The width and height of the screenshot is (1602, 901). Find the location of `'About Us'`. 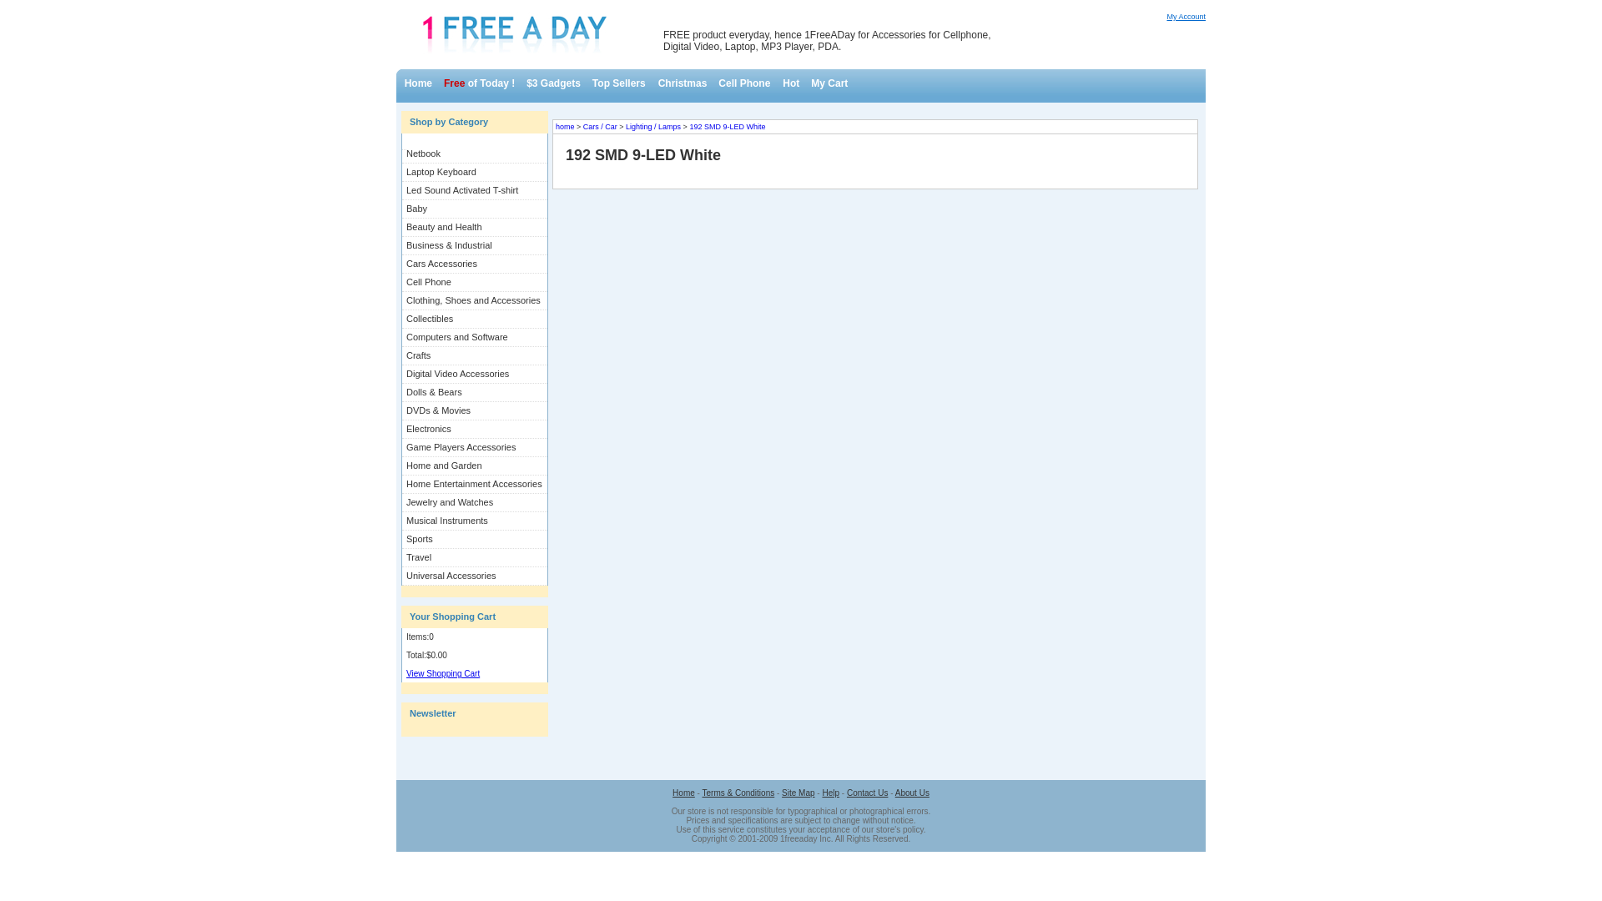

'About Us' is located at coordinates (911, 792).